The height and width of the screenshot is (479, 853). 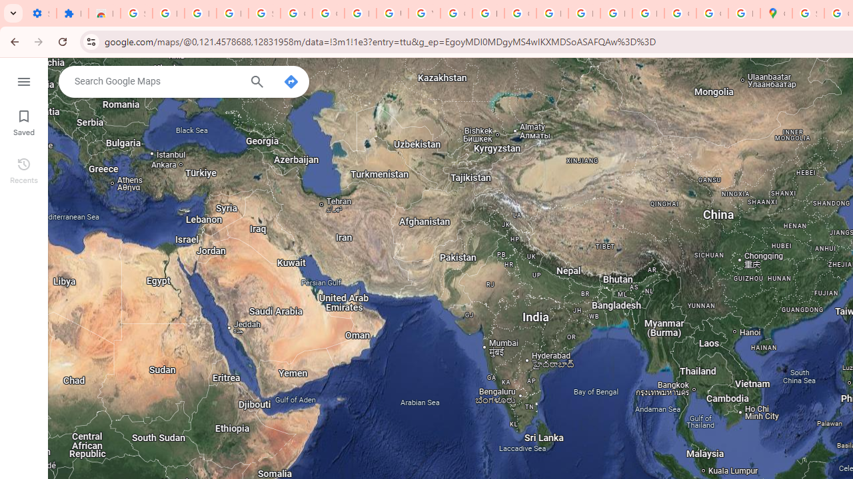 I want to click on 'Reviews: Helix Fruit Jump Arcade Game', so click(x=103, y=13).